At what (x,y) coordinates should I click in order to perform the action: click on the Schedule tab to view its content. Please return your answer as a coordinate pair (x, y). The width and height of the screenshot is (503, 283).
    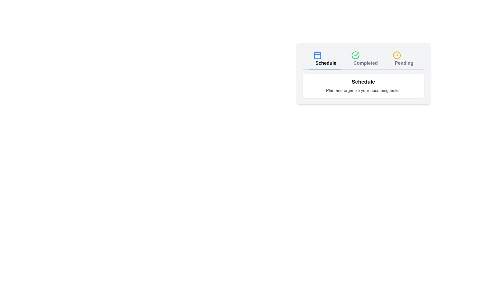
    Looking at the image, I should click on (324, 59).